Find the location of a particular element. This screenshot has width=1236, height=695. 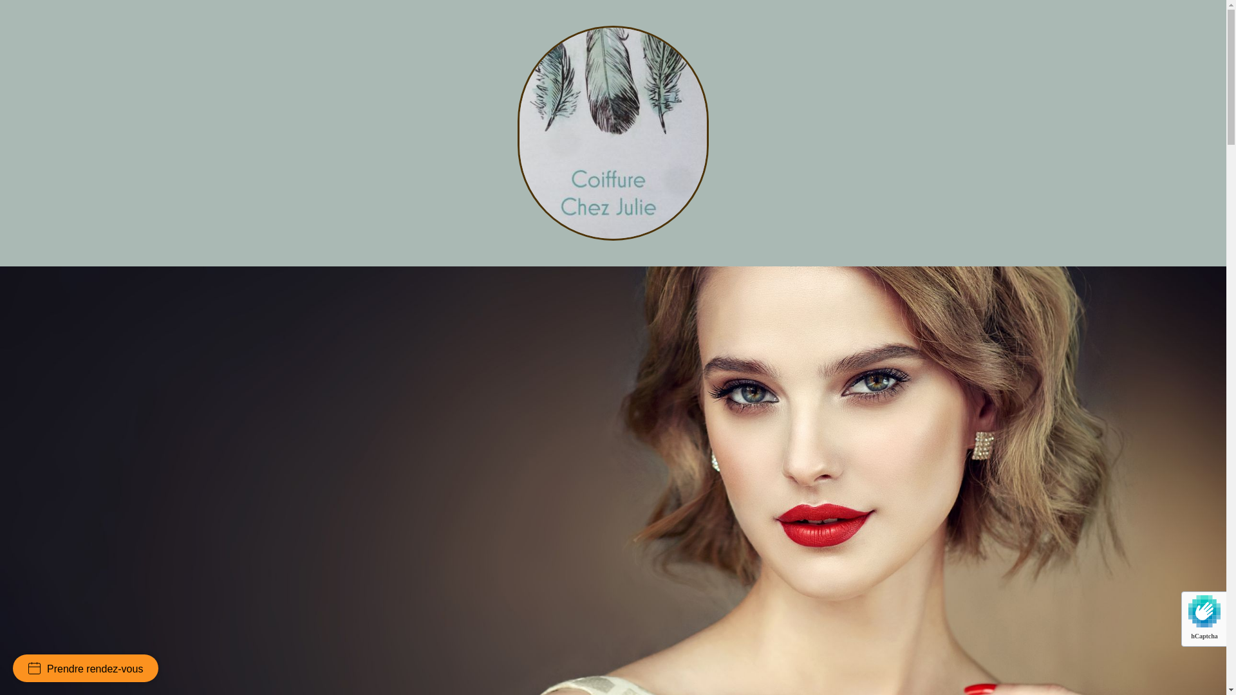

'Prendre rendez-vous' is located at coordinates (85, 667).